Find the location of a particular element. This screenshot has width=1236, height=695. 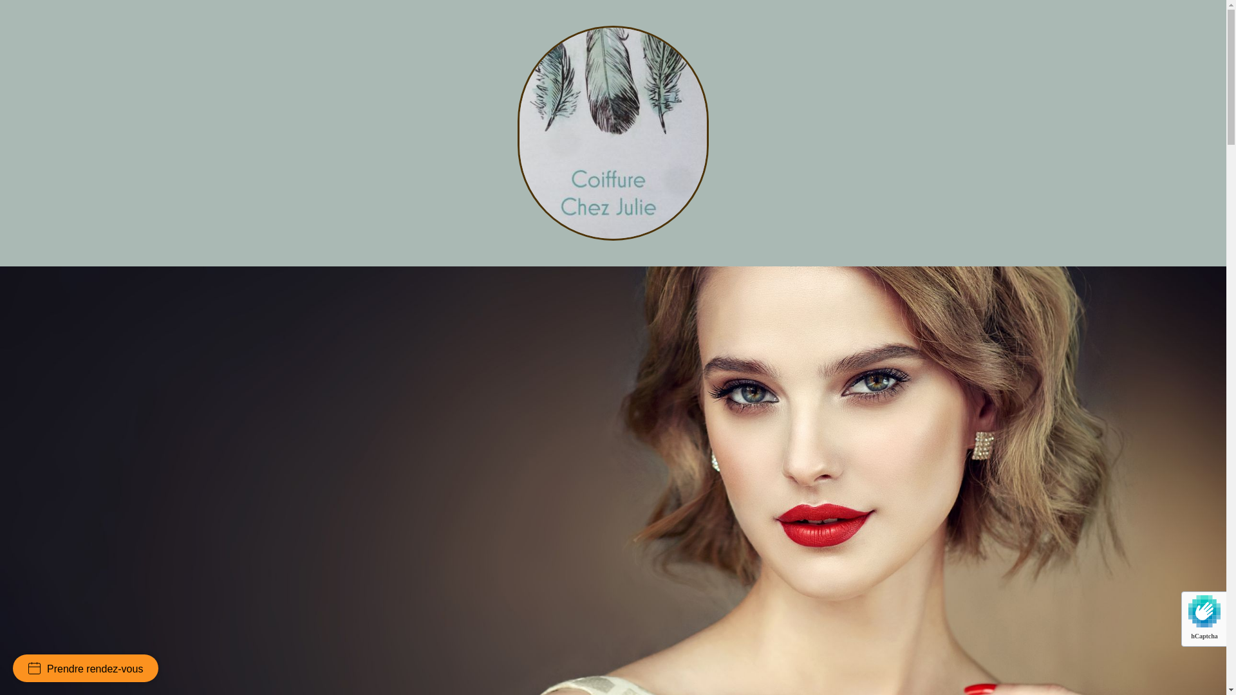

'Prendre rendez-vous' is located at coordinates (85, 667).